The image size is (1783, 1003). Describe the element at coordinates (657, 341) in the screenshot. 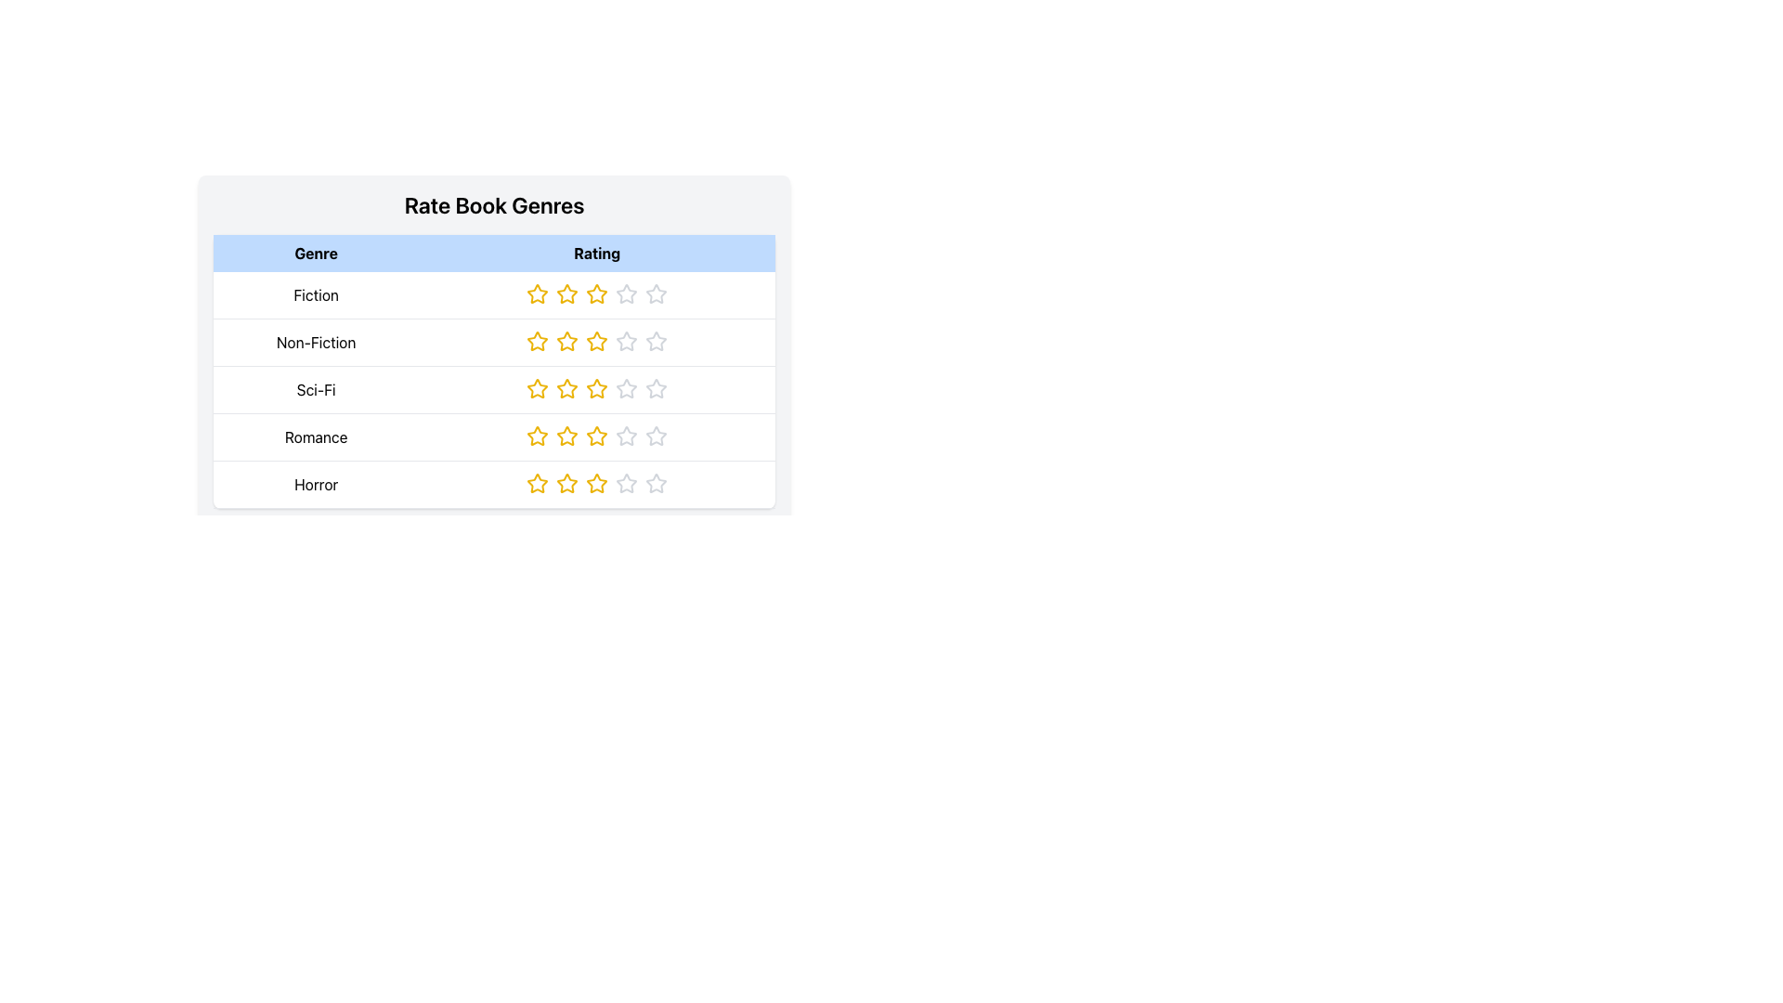

I see `the third star icon in the 'Non-Fiction' rating row of the 'Rate Book Genres' table to rate it` at that location.